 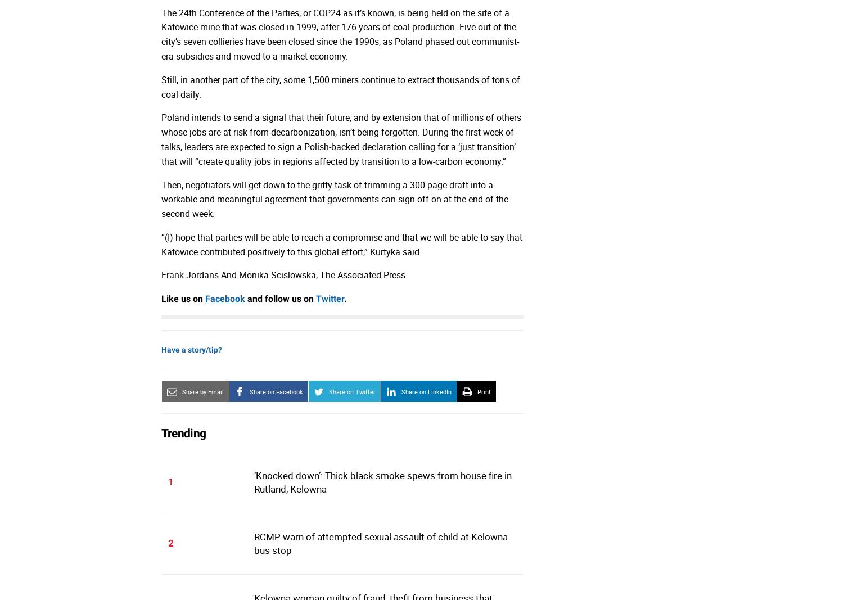 I want to click on 'Share on LinkedIn', so click(x=426, y=391).